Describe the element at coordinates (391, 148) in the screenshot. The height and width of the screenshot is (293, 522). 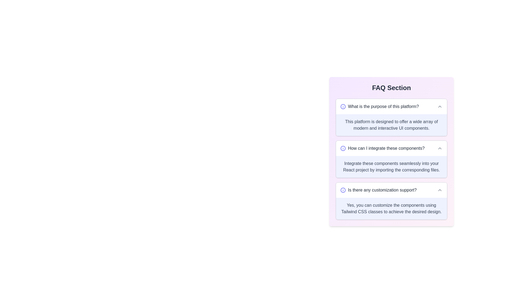
I see `the Interactive FAQ header that reads 'How can I integrate these components?' with gray text and an indigo icon on the left` at that location.